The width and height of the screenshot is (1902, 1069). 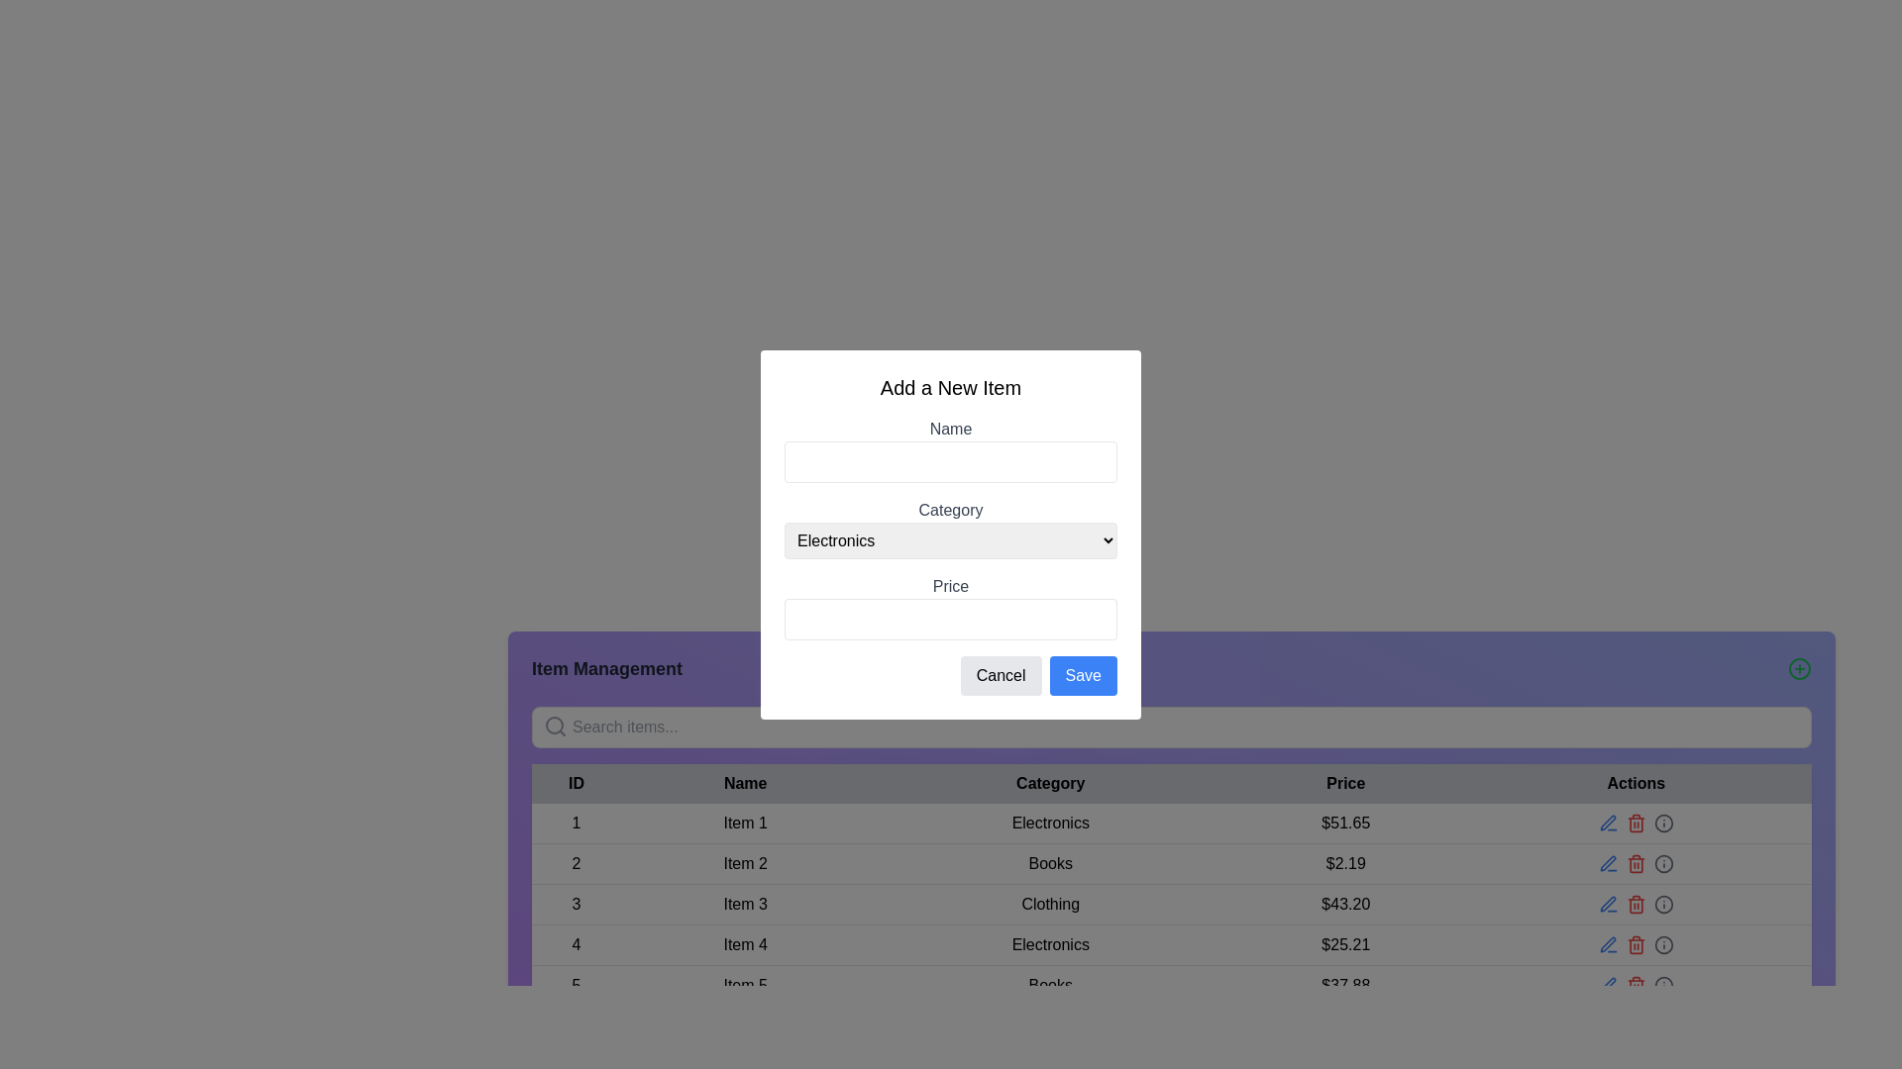 What do you see at coordinates (951, 534) in the screenshot?
I see `the 'Electronics' dropdown menu in the 'Add a New Item' modal` at bounding box center [951, 534].